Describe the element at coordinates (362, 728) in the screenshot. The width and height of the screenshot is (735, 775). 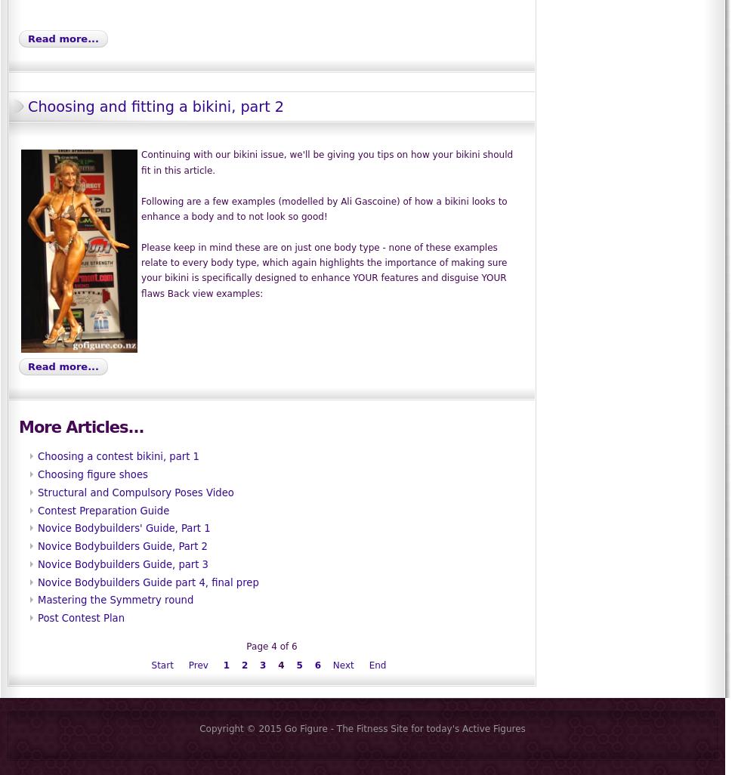
I see `'Copyright © 2015 Go Figure - The Fitness Site for today's Active Figures'` at that location.